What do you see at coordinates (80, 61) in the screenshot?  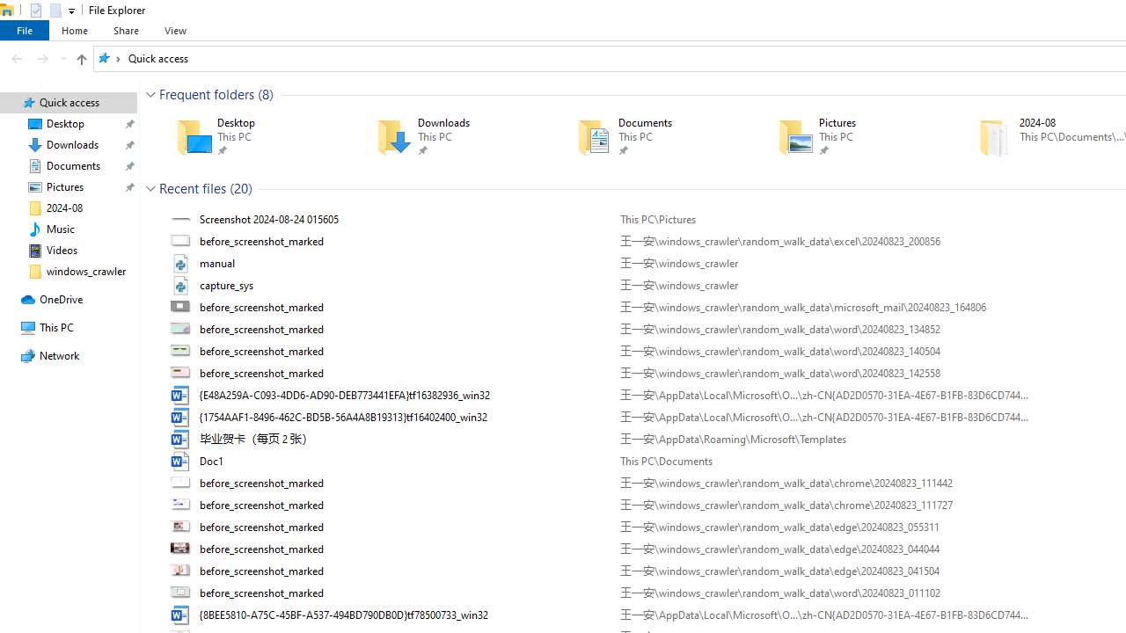 I see `'Up band toolbar'` at bounding box center [80, 61].